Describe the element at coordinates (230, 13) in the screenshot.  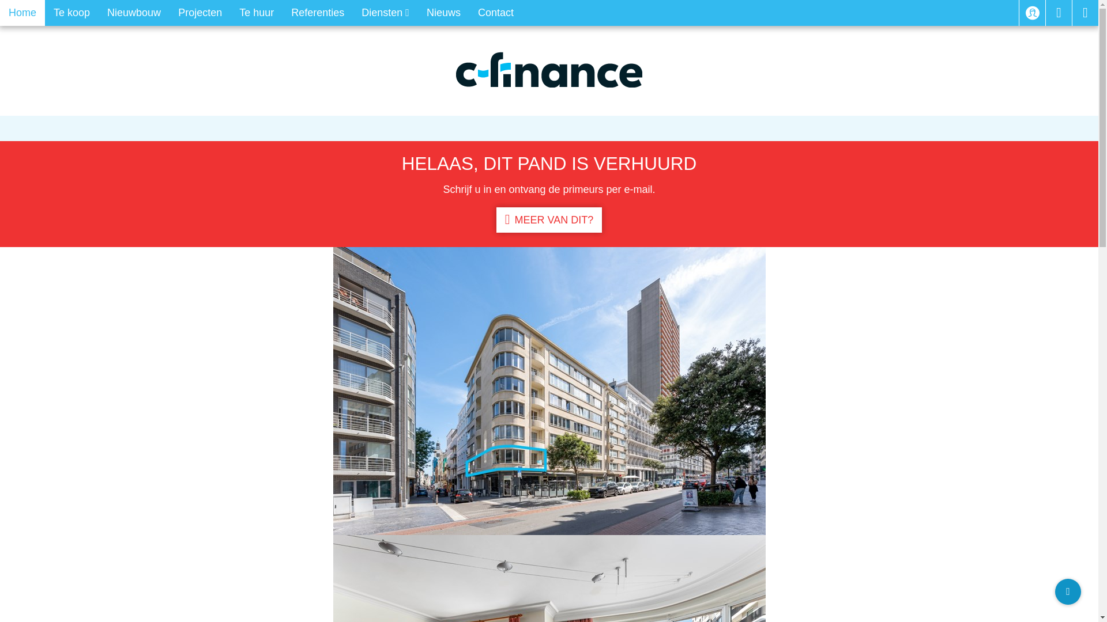
I see `'Te huur'` at that location.